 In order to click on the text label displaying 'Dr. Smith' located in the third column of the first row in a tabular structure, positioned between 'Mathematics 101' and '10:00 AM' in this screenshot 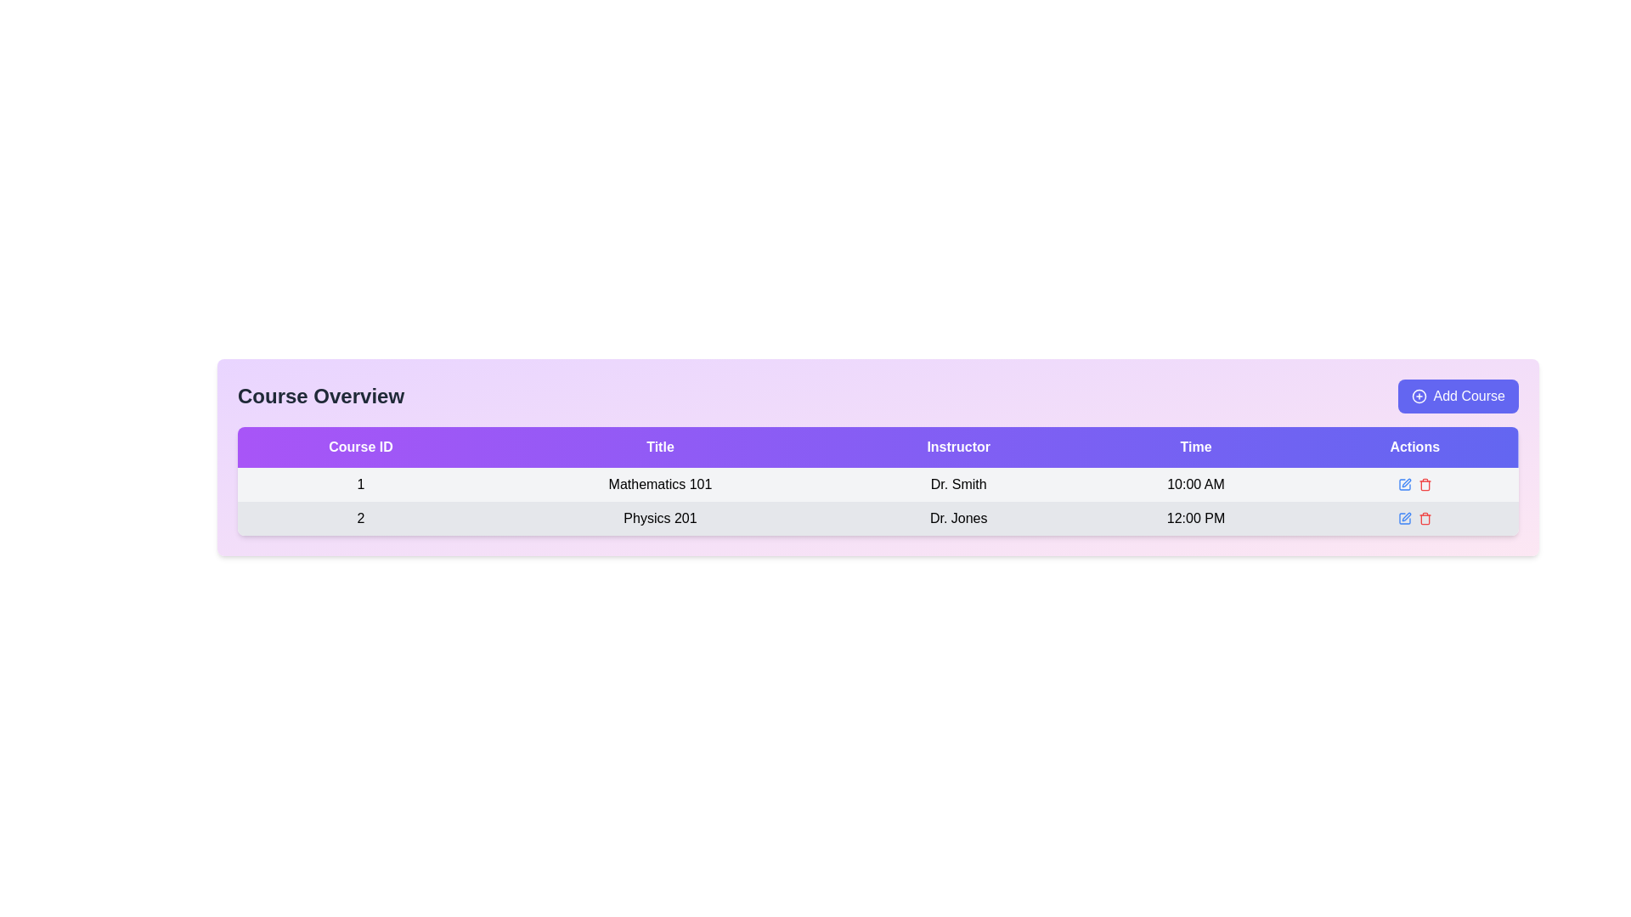, I will do `click(958, 484)`.